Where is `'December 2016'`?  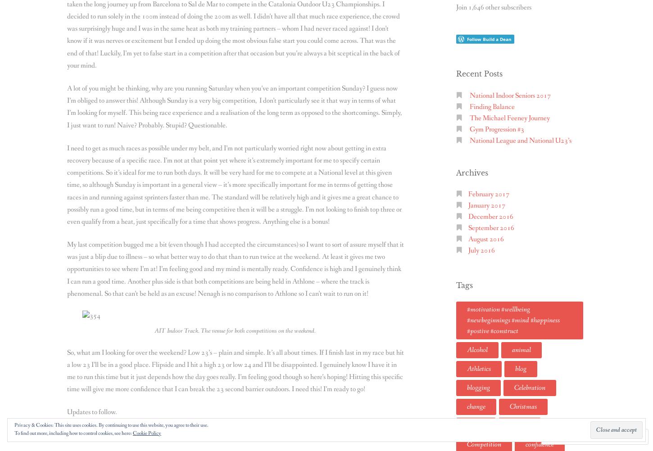
'December 2016' is located at coordinates (490, 216).